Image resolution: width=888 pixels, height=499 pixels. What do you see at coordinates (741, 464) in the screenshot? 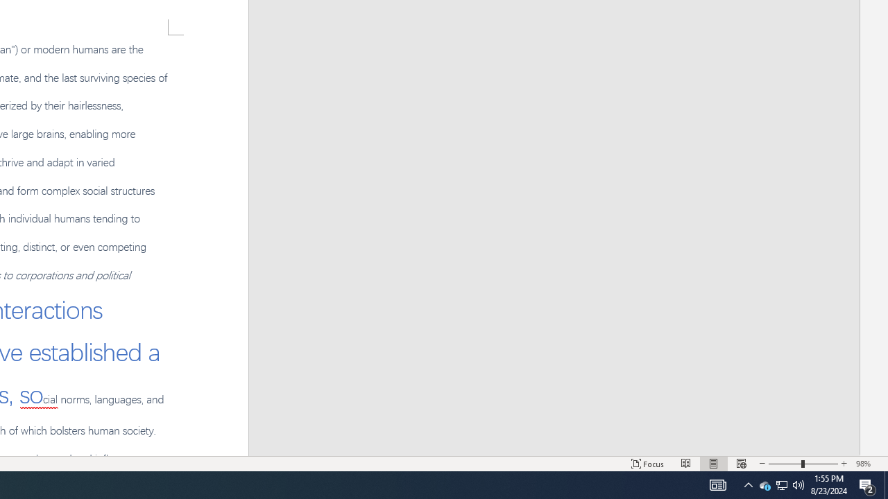
I see `'Web Layout'` at bounding box center [741, 464].